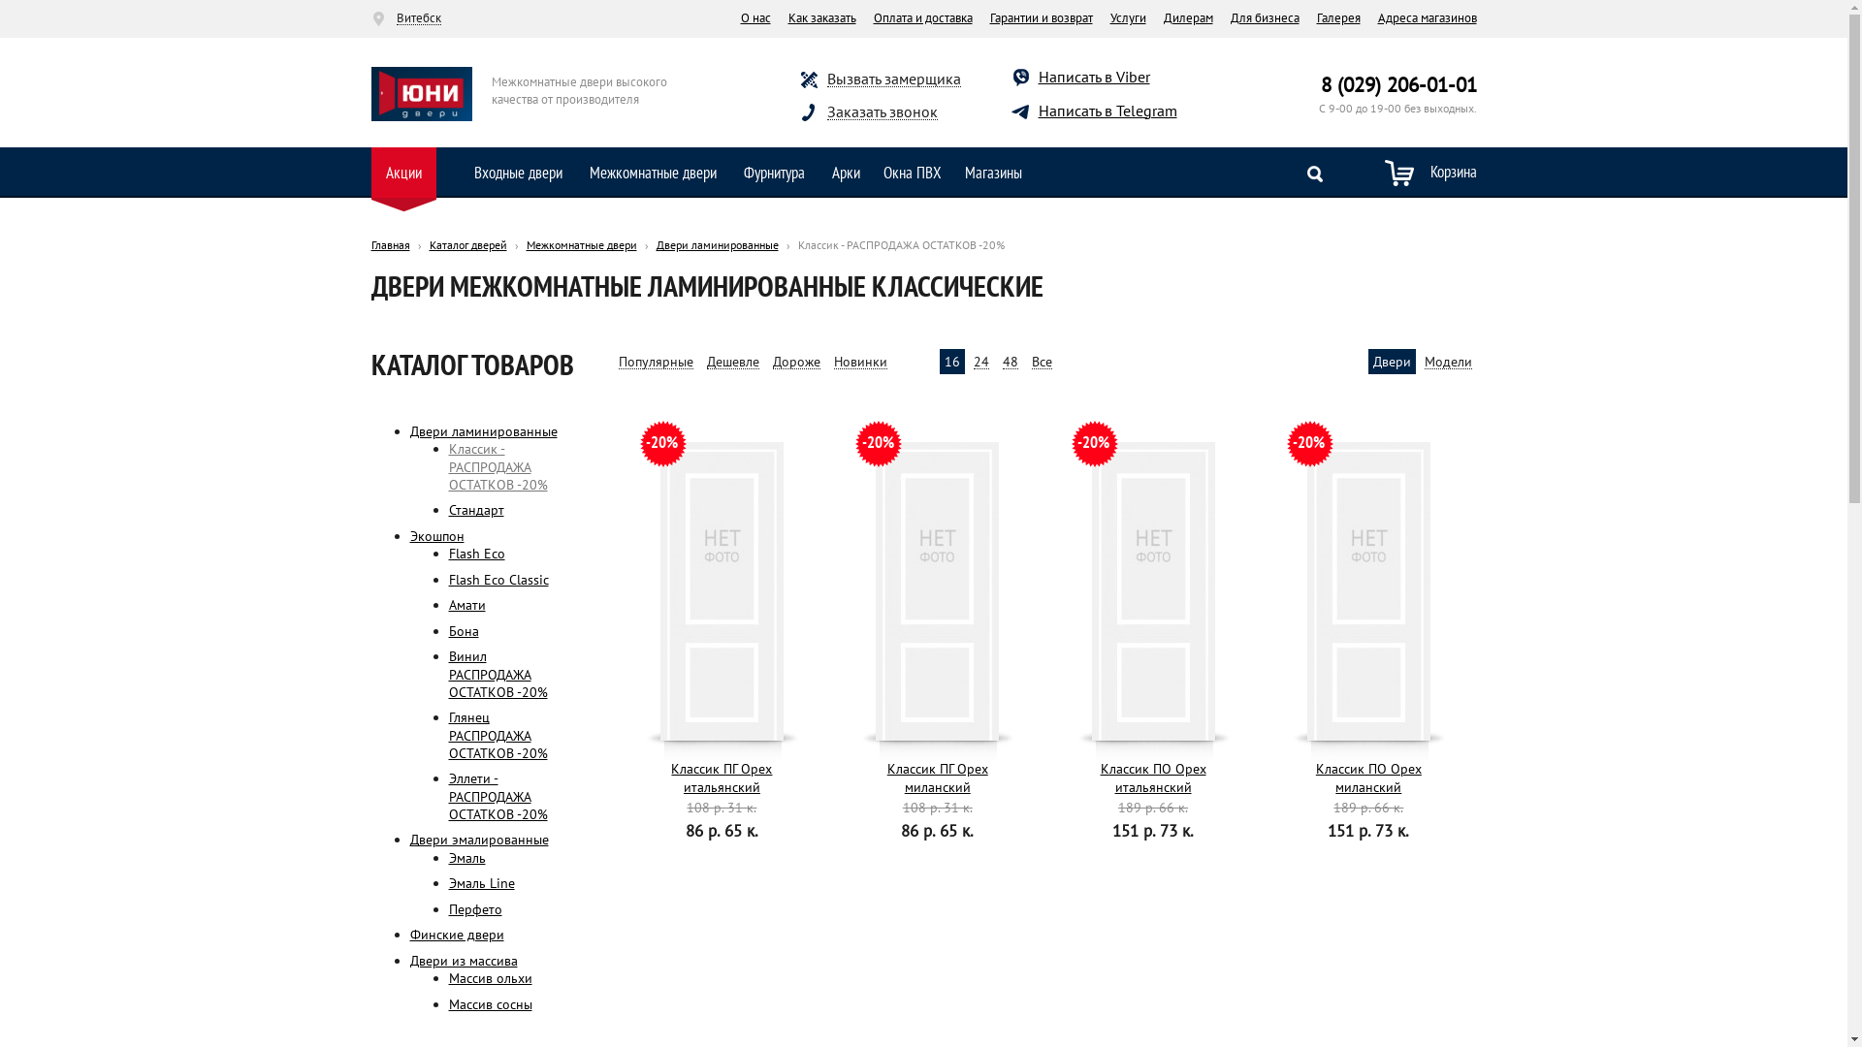 The image size is (1862, 1047). Describe the element at coordinates (1009, 362) in the screenshot. I see `'48'` at that location.